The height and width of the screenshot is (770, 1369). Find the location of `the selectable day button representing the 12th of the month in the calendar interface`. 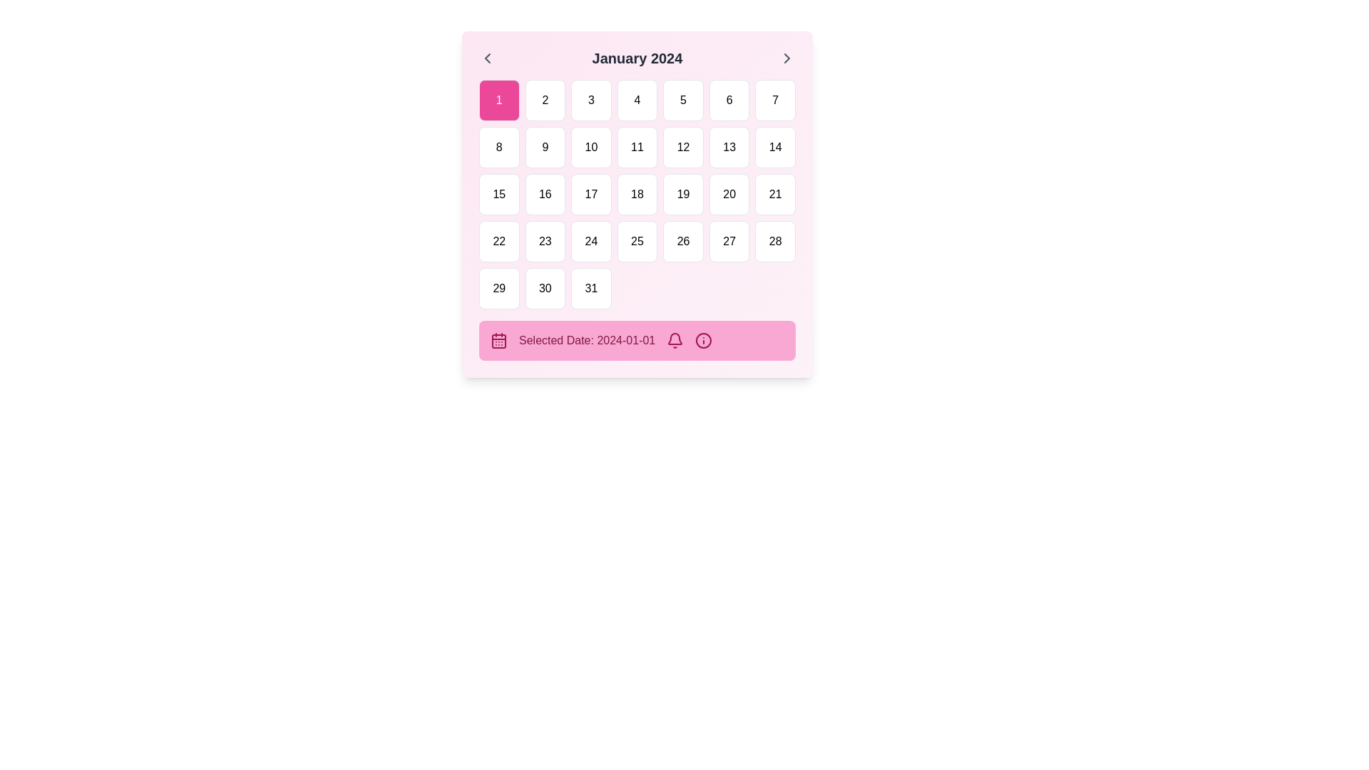

the selectable day button representing the 12th of the month in the calendar interface is located at coordinates (682, 148).